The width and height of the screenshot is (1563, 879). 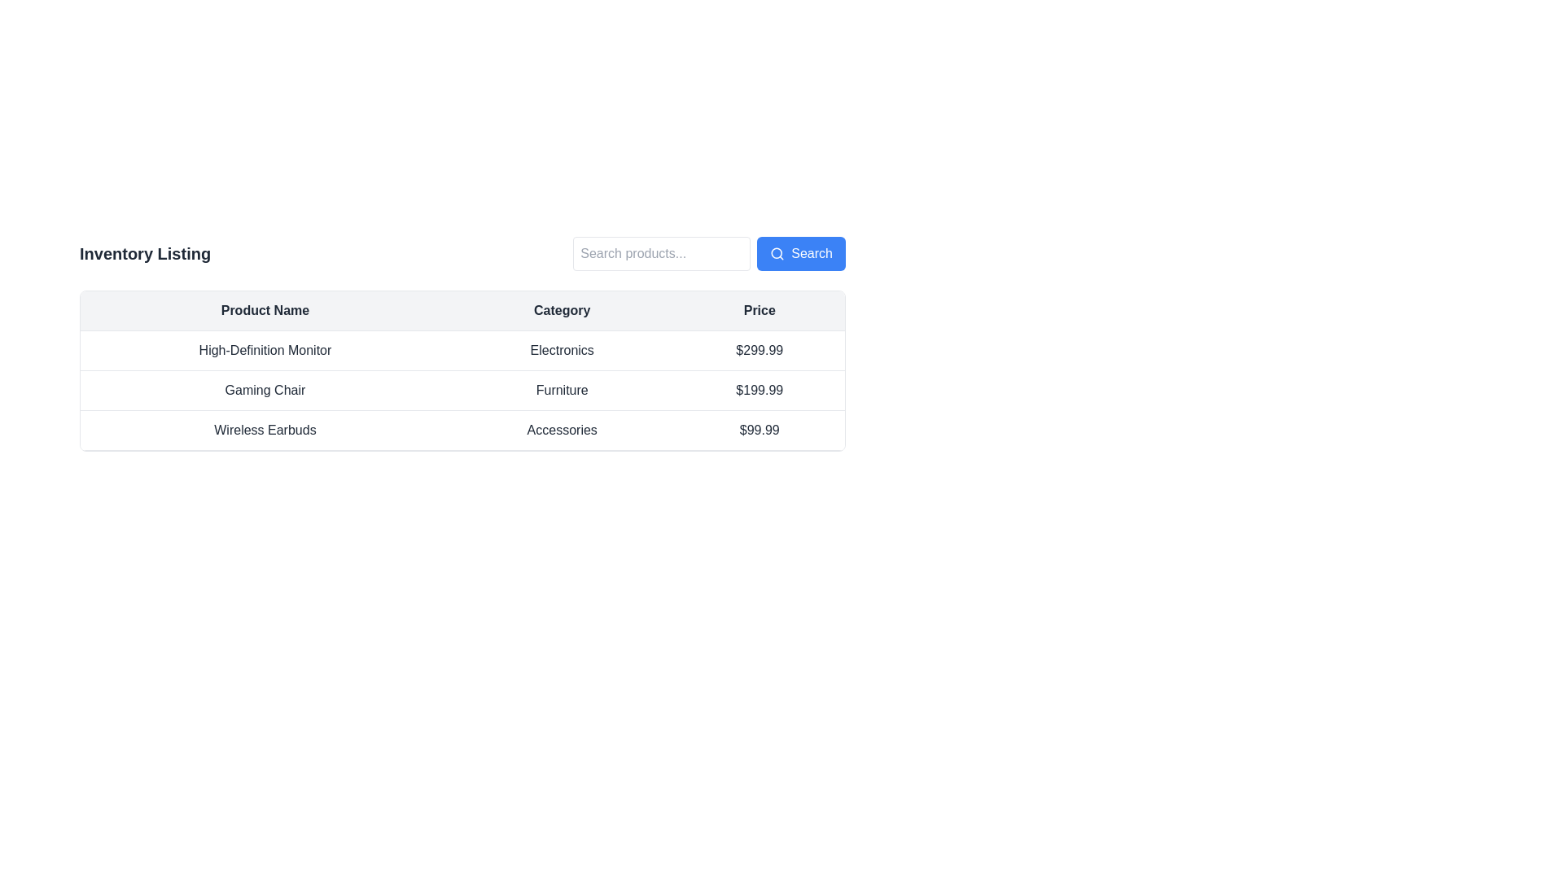 I want to click on the second row of the inventory table that displays 'Gaming Chair', 'Furniture', and '$199.99', so click(x=462, y=390).